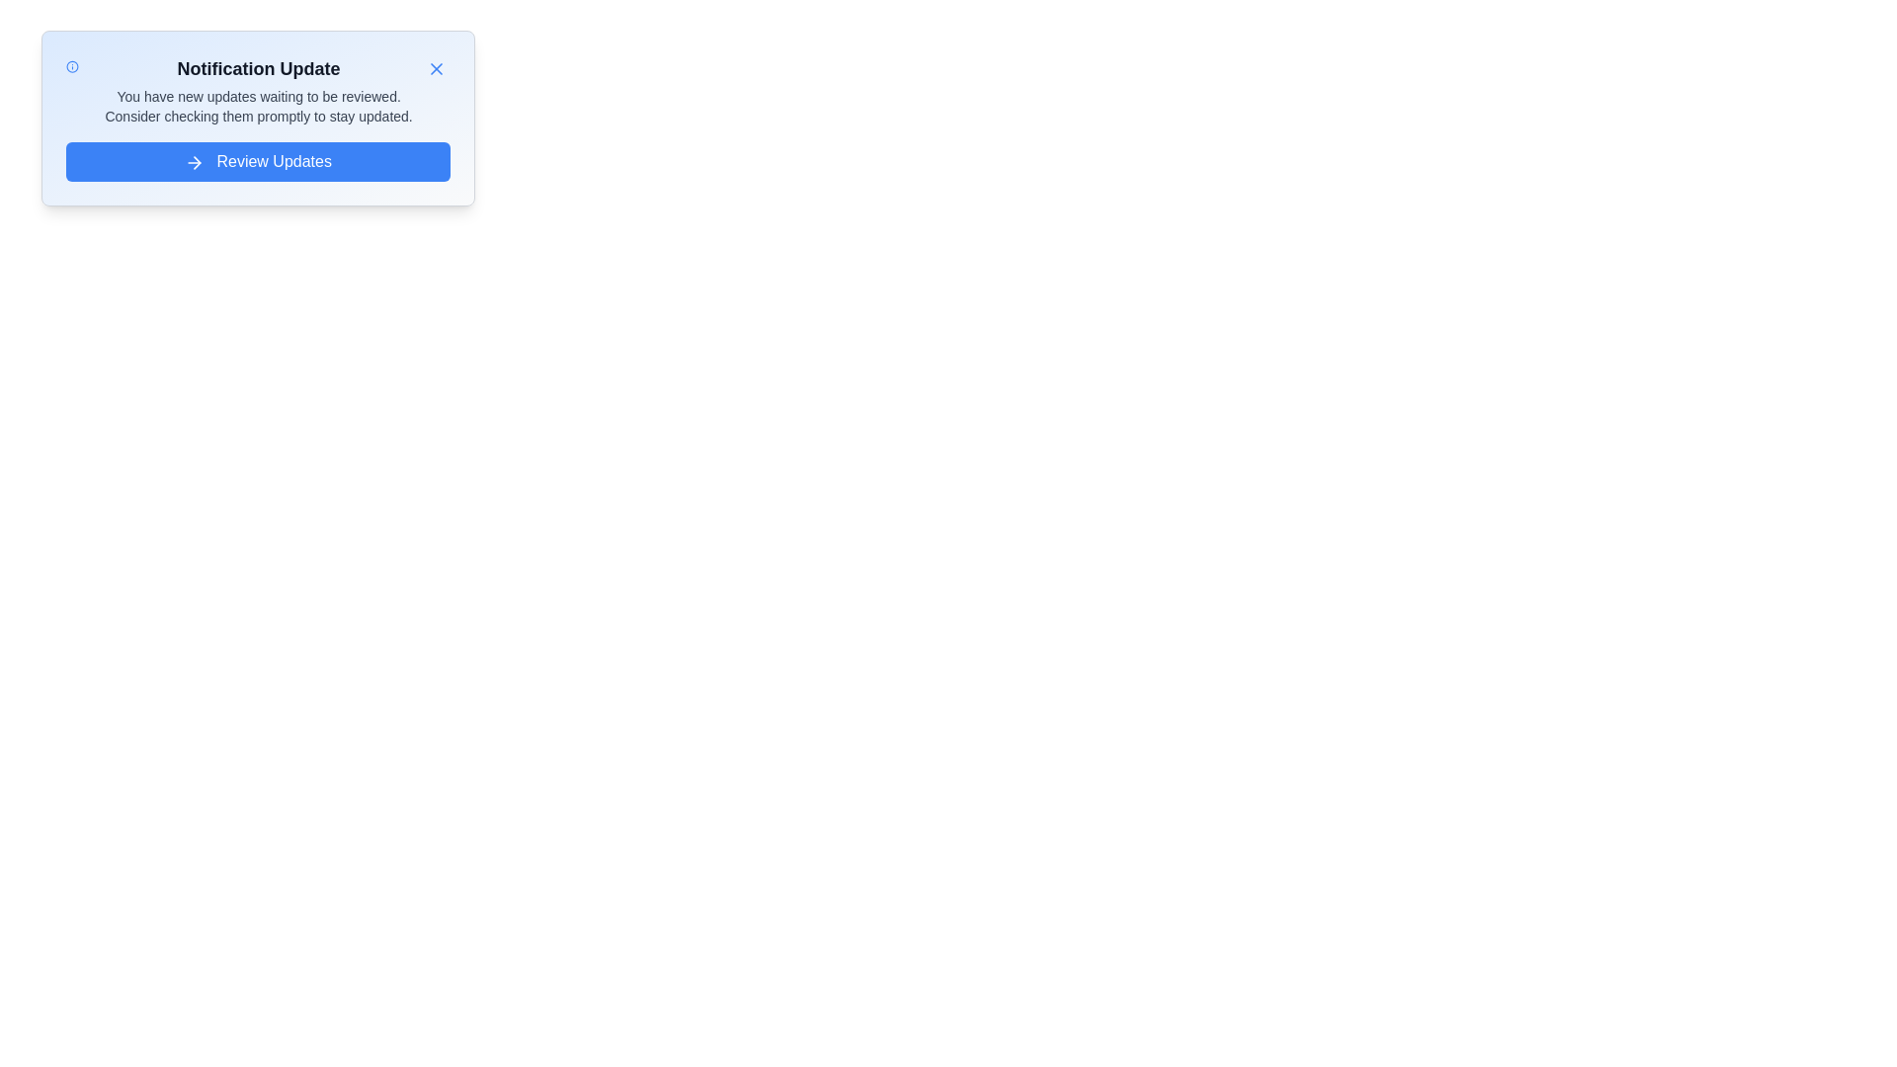  Describe the element at coordinates (435, 67) in the screenshot. I see `'X' button to close the alert` at that location.